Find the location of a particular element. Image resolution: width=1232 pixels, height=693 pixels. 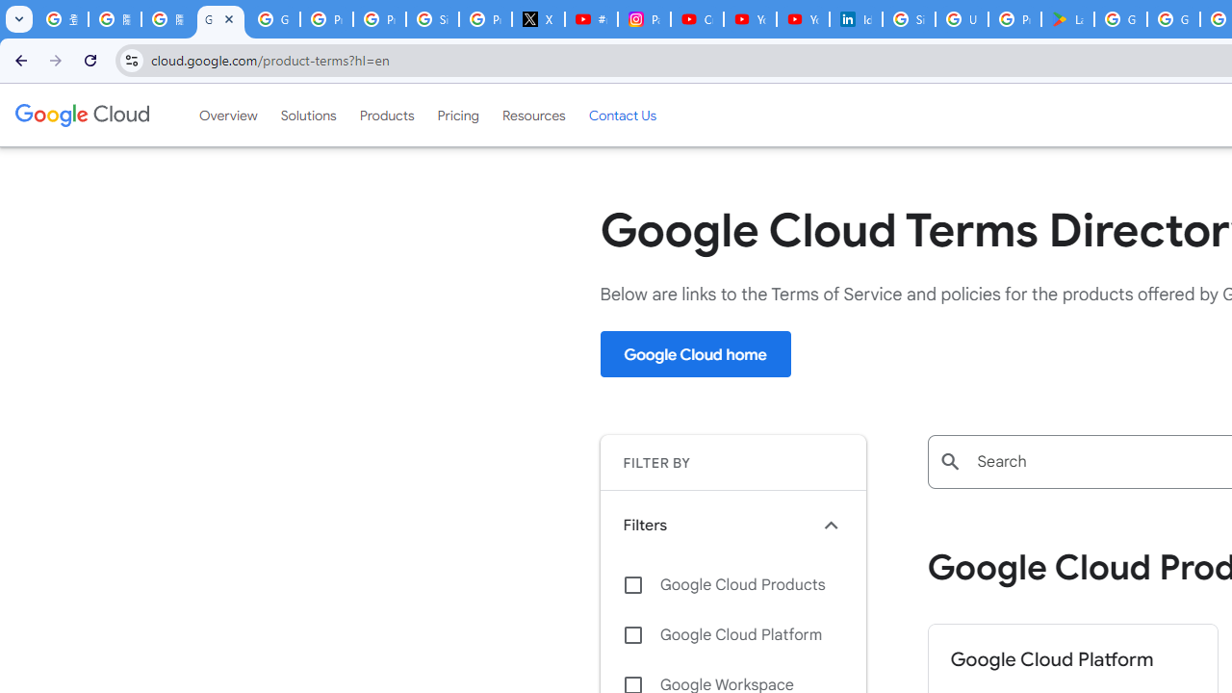

'Google Cloud Terms Directory | Google Cloud' is located at coordinates (220, 19).